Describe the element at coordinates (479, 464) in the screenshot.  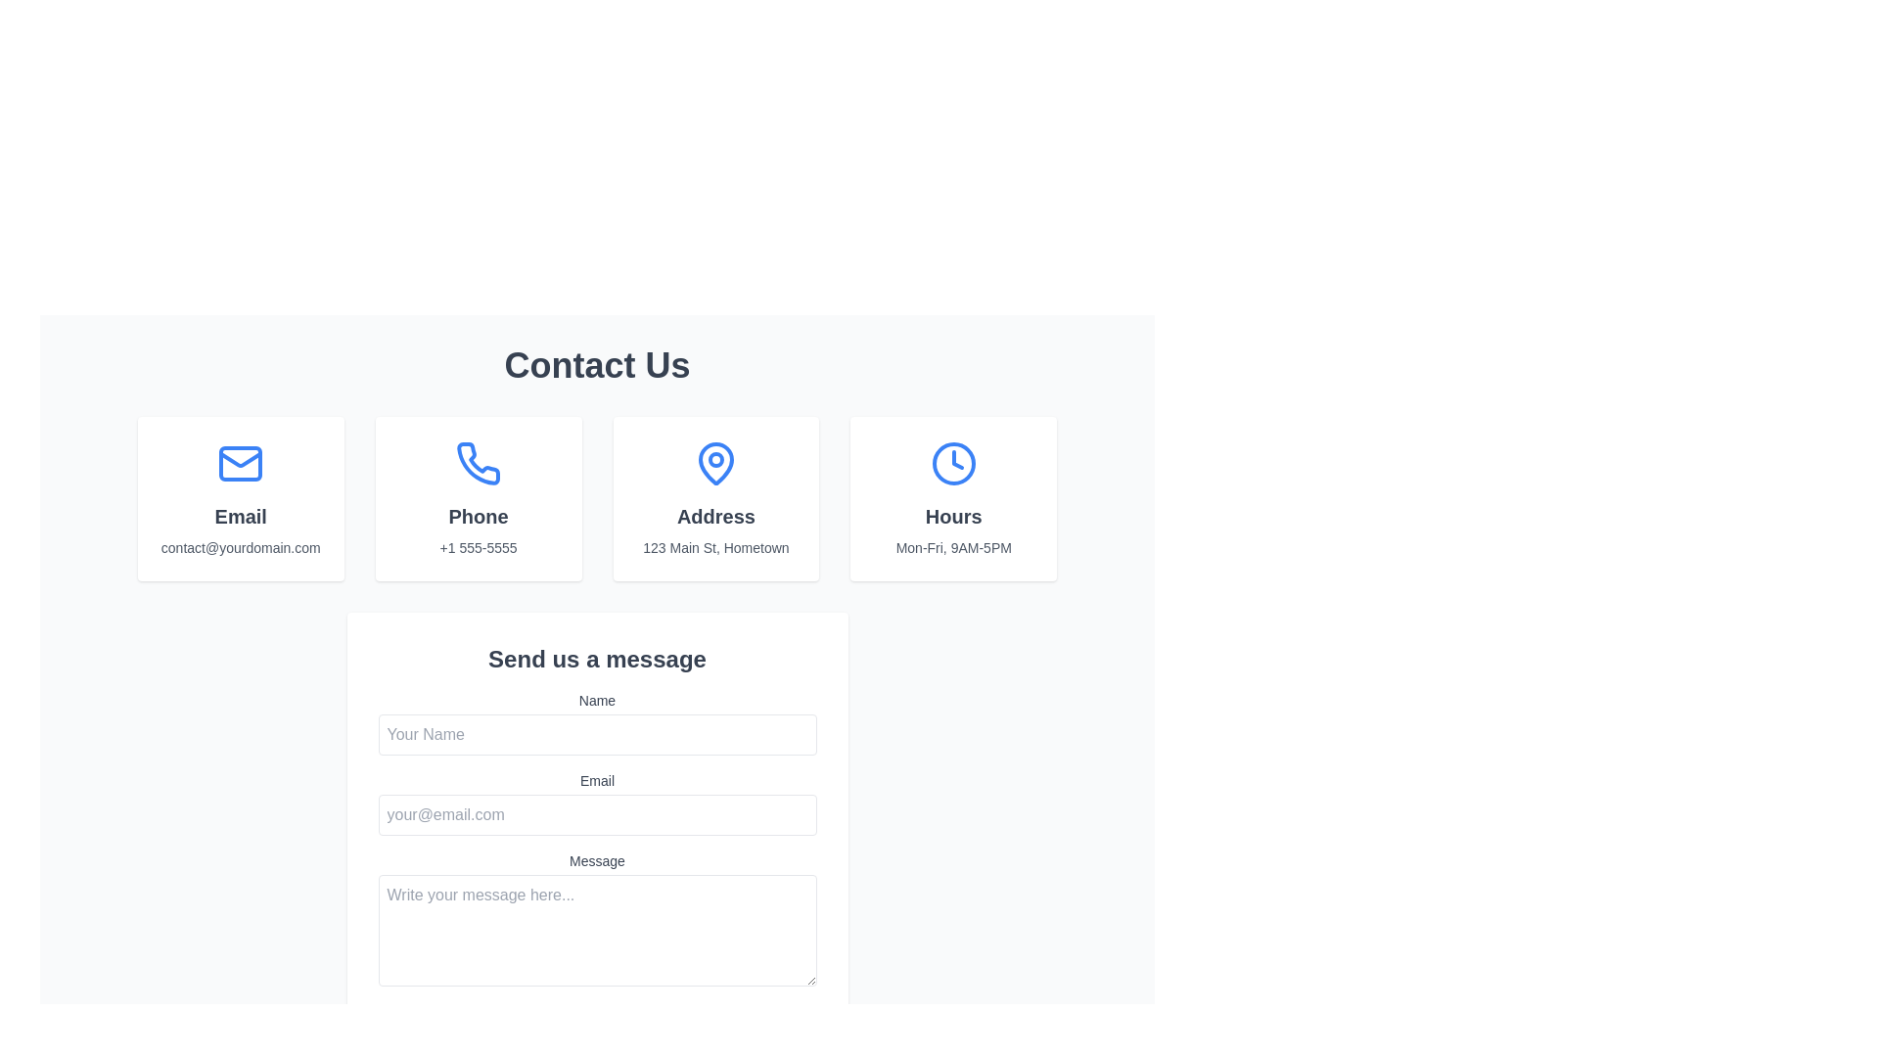
I see `the phone icon in the contact methods section, which is positioned above the label 'Phone' in the second column of the top section of the interface` at that location.